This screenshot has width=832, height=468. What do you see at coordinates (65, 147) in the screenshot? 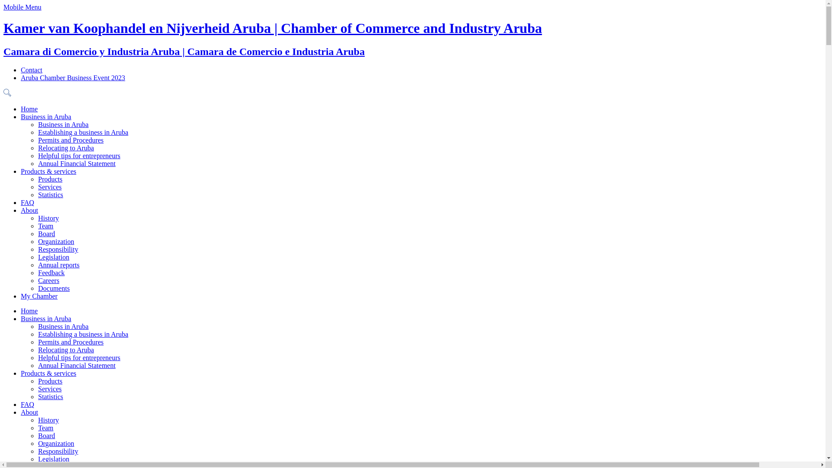
I see `'Relocating to Aruba'` at bounding box center [65, 147].